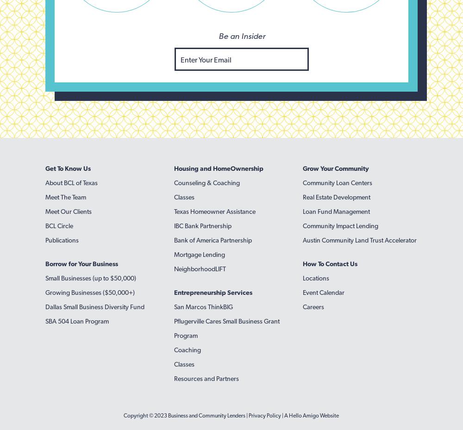  What do you see at coordinates (315, 277) in the screenshot?
I see `'Locations'` at bounding box center [315, 277].